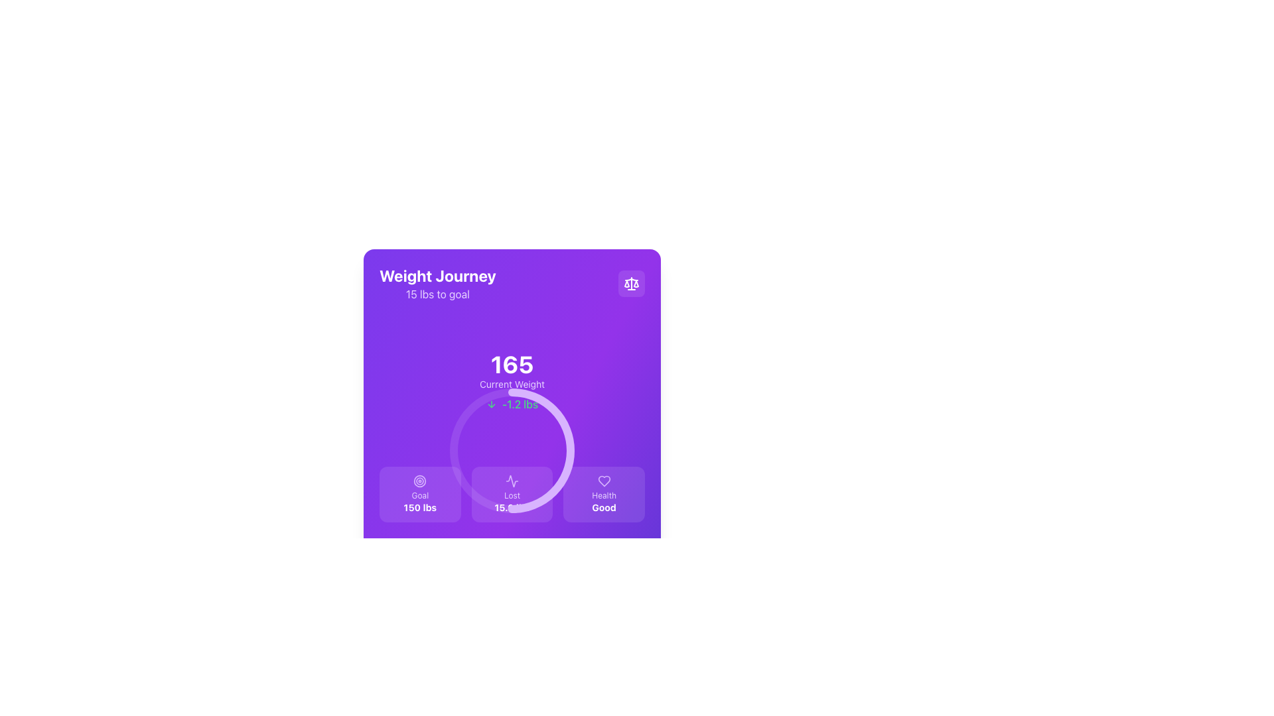 The width and height of the screenshot is (1274, 716). Describe the element at coordinates (512, 496) in the screenshot. I see `text of the label that says 'Lost', which is styled in a small font and purple color, positioned above a weight value text and below an activity icon` at that location.